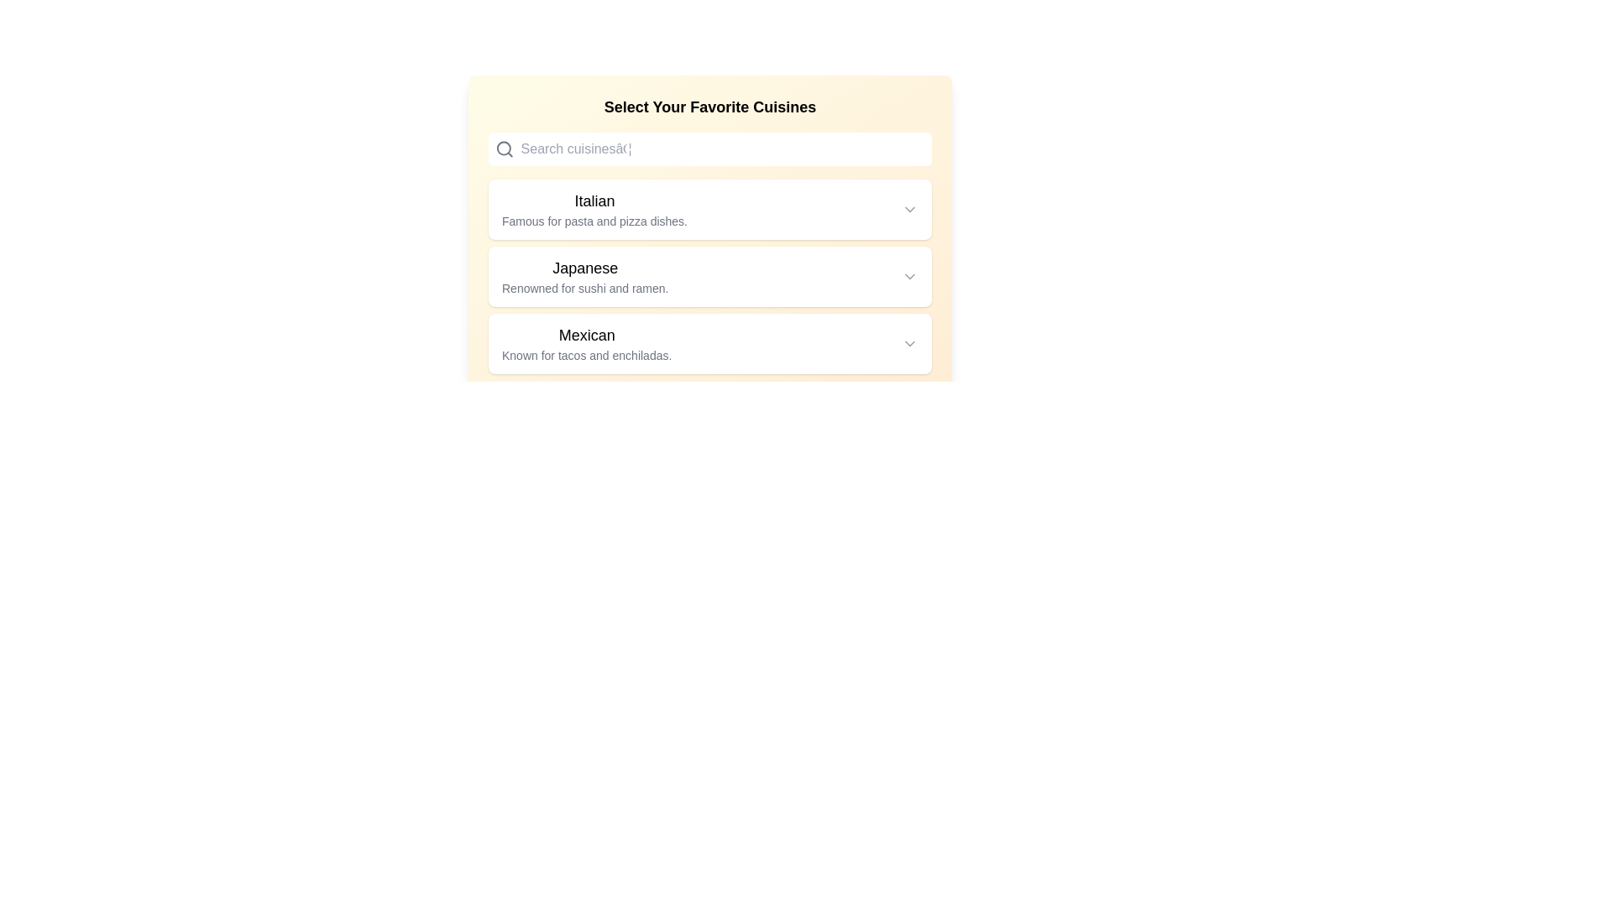  I want to click on the non-interactive text label that provides additional information about the 'Italian' heading, located directly below it, so click(594, 220).